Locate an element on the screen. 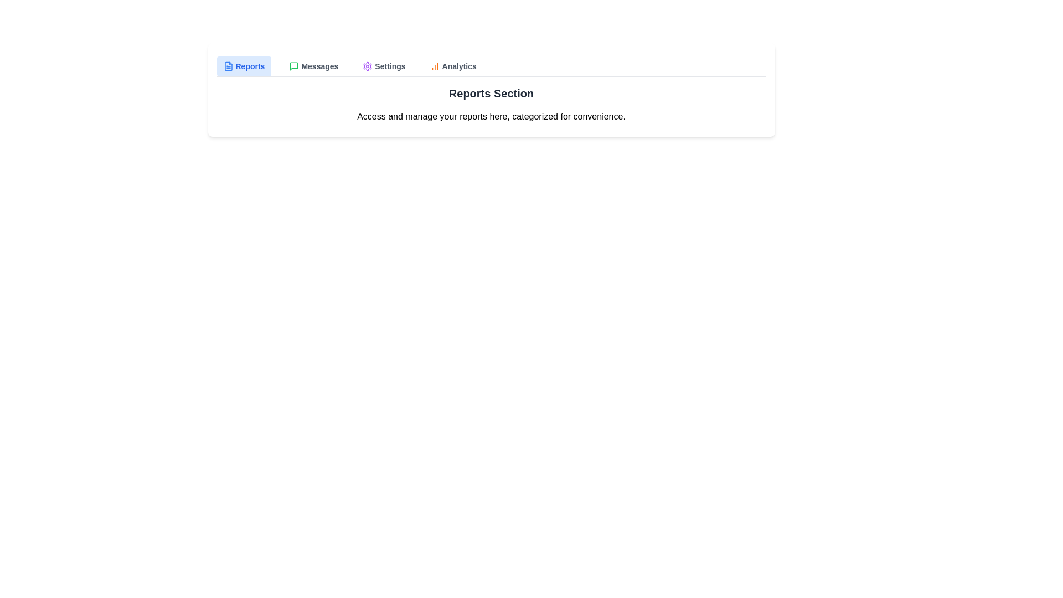  the gear icon in the navigation bar, which has a purple outline and represents the settings option is located at coordinates (368, 66).